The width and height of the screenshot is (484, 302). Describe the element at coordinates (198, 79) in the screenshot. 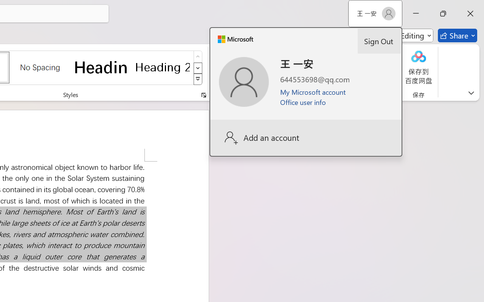

I see `'Styles'` at that location.